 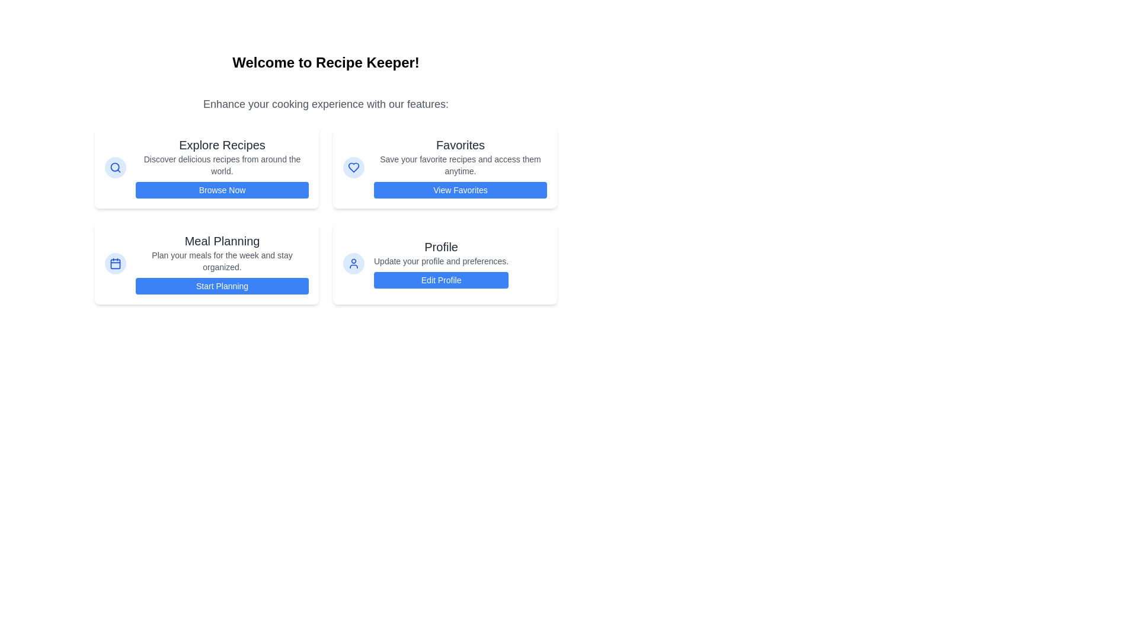 What do you see at coordinates (460, 167) in the screenshot?
I see `descriptive text from the 'Favorites' informational card, which is located in the second column of the grid layout and is styled with a white background and blue action button` at bounding box center [460, 167].